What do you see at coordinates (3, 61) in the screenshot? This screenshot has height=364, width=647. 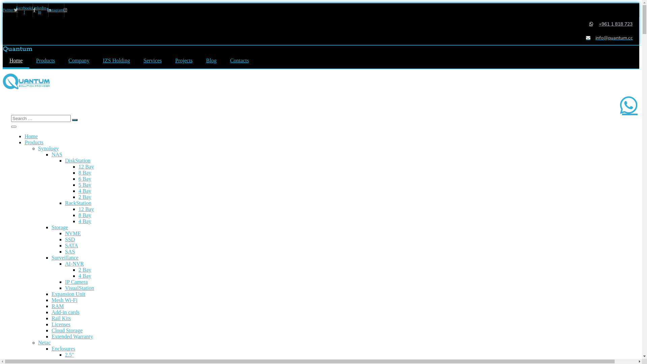 I see `'Home'` at bounding box center [3, 61].